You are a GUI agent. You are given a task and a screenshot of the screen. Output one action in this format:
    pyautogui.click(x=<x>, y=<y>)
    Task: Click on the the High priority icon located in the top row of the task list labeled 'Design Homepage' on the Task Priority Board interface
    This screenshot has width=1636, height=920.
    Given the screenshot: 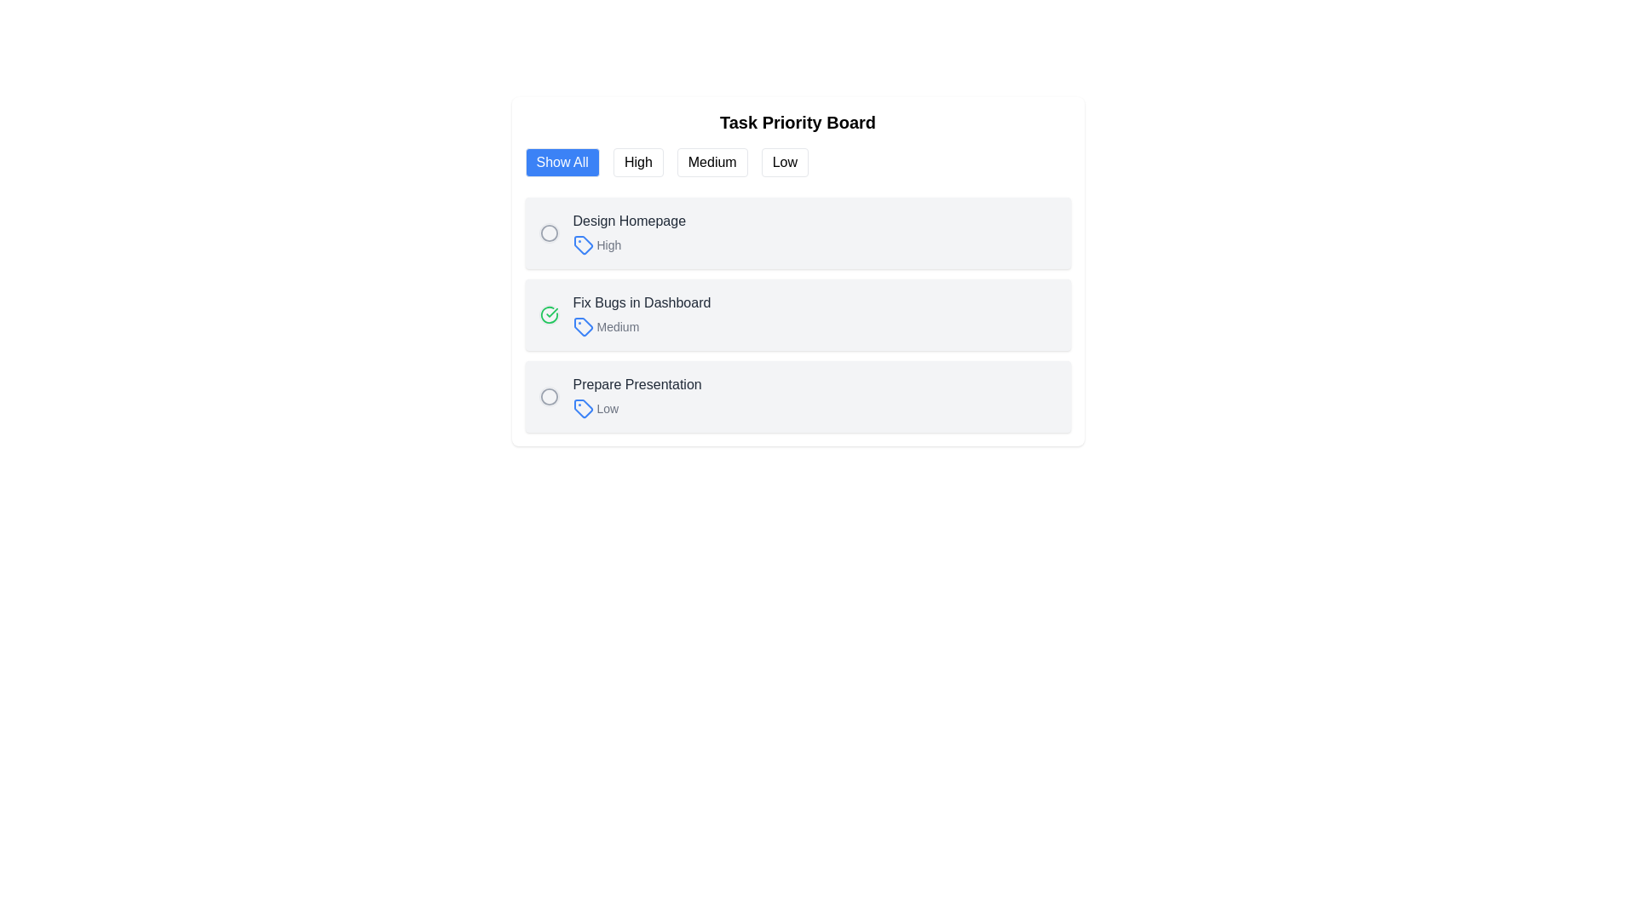 What is the action you would take?
    pyautogui.click(x=583, y=245)
    